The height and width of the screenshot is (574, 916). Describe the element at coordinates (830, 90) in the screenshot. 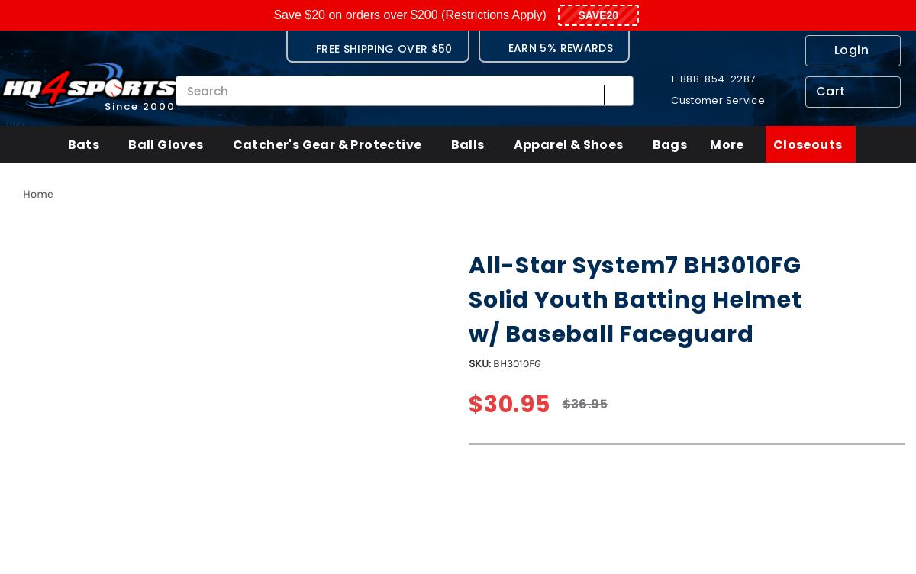

I see `'Cart'` at that location.